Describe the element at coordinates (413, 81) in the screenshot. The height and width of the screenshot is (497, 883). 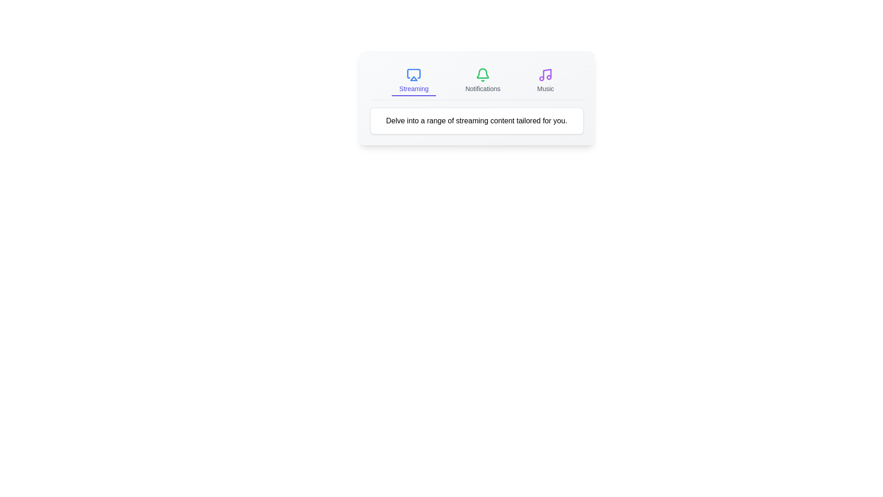
I see `the active tab labeled 'Streaming' to confirm its state` at that location.